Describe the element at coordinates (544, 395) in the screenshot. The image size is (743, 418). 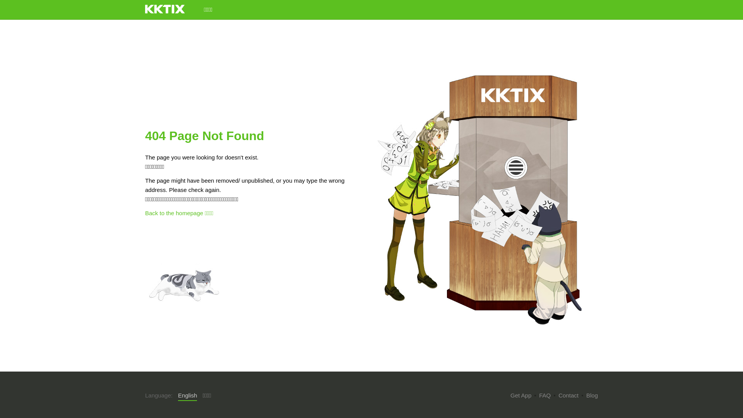
I see `'FAQ'` at that location.